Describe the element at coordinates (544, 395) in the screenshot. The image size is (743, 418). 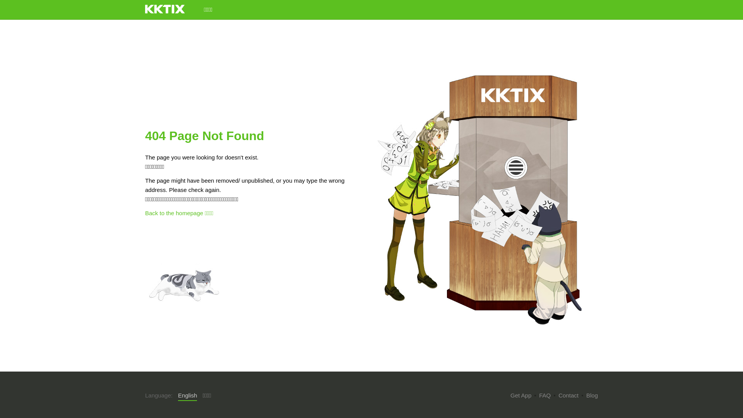
I see `'FAQ'` at that location.